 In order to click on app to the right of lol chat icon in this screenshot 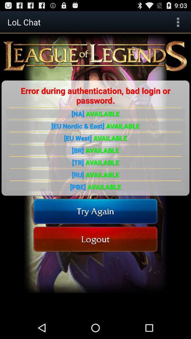, I will do `click(178, 22)`.